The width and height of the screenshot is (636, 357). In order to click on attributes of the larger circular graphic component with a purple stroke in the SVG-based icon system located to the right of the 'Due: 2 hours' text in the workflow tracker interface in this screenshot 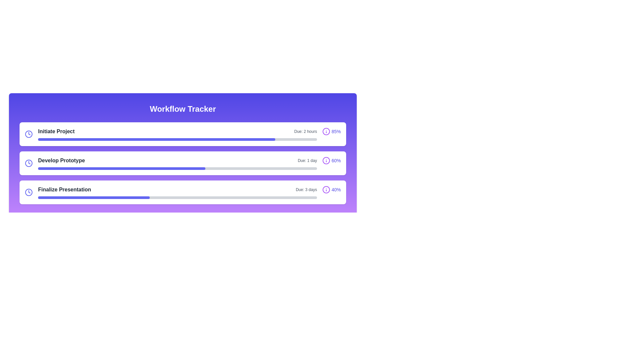, I will do `click(326, 131)`.